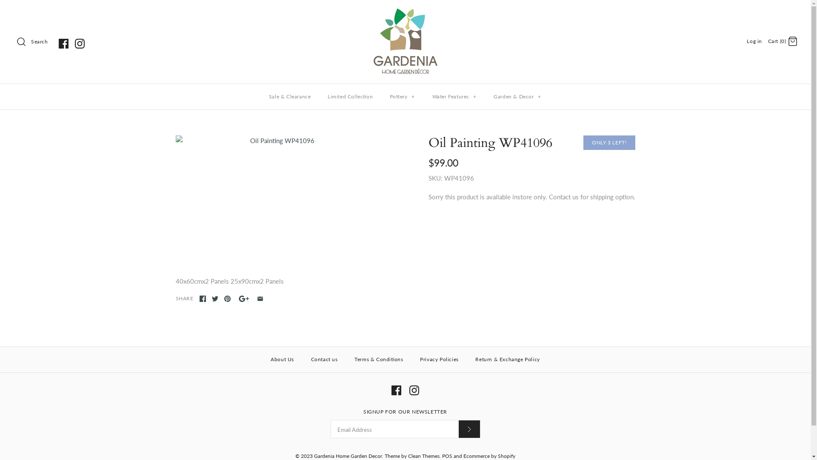 The image size is (817, 460). What do you see at coordinates (402, 96) in the screenshot?
I see `'Pottery +'` at bounding box center [402, 96].